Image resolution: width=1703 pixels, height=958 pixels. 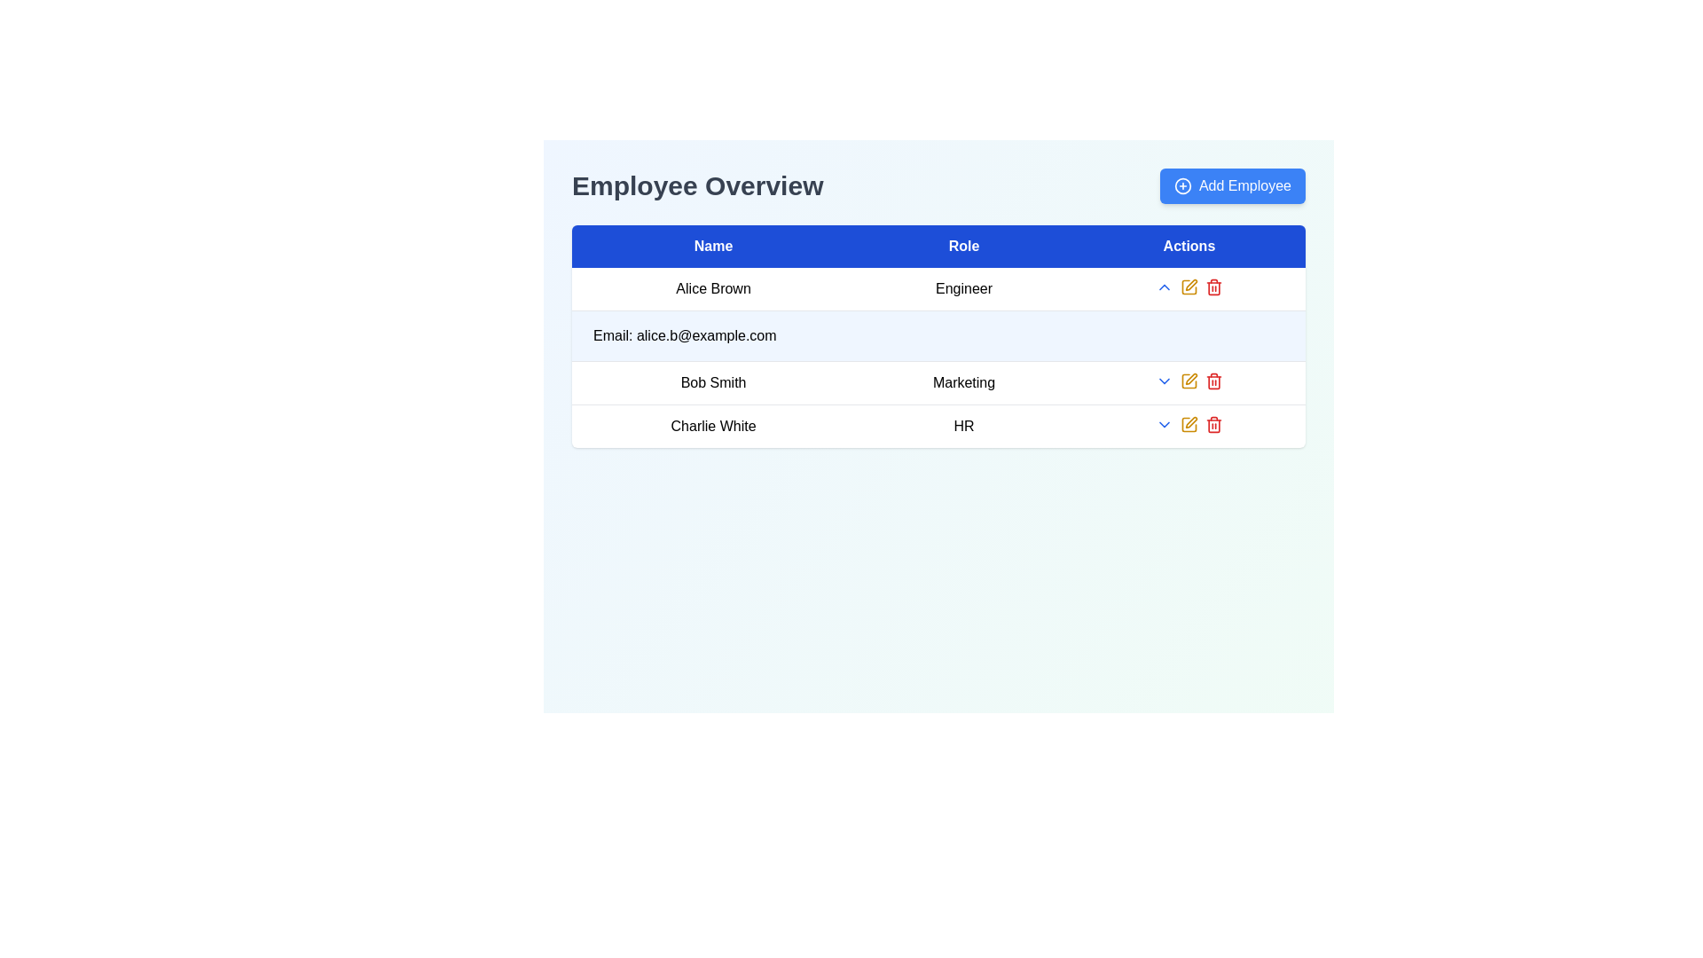 I want to click on the 'Add Employee' button which has a rounded shape, blue background, white text, and a plus sign icon on the left, so click(x=1231, y=185).